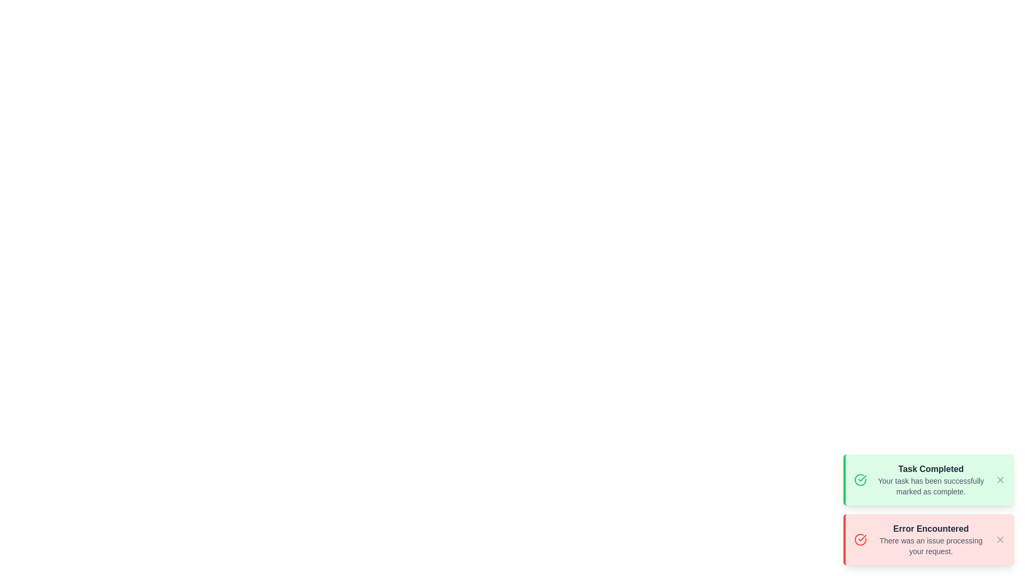  I want to click on the close button of the notification to dismiss it, so click(999, 479).